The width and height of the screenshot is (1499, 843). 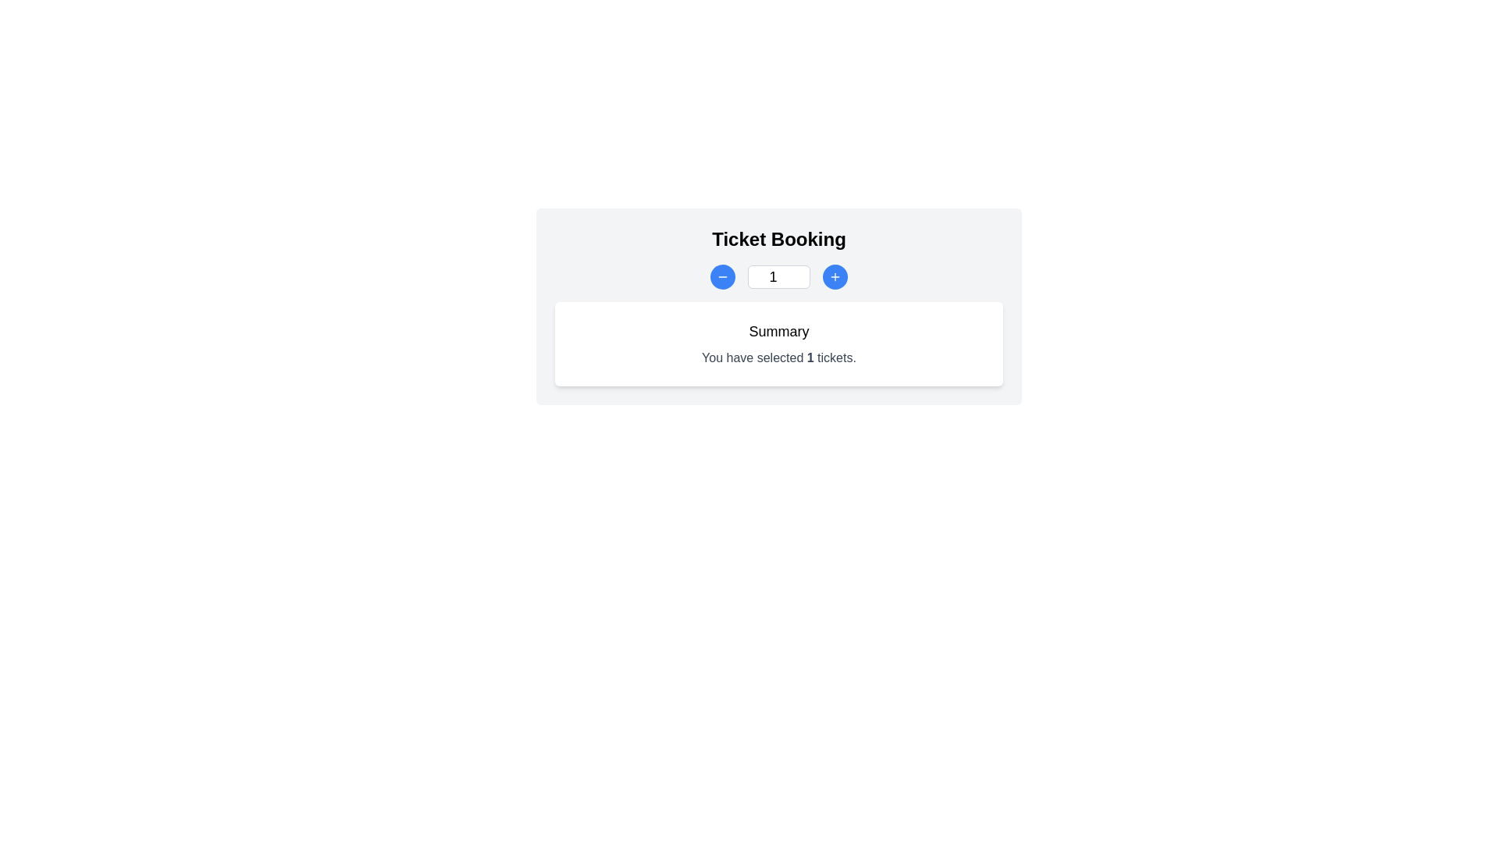 What do you see at coordinates (835, 276) in the screenshot?
I see `the circular blue button with a white plus sign to increase the value` at bounding box center [835, 276].